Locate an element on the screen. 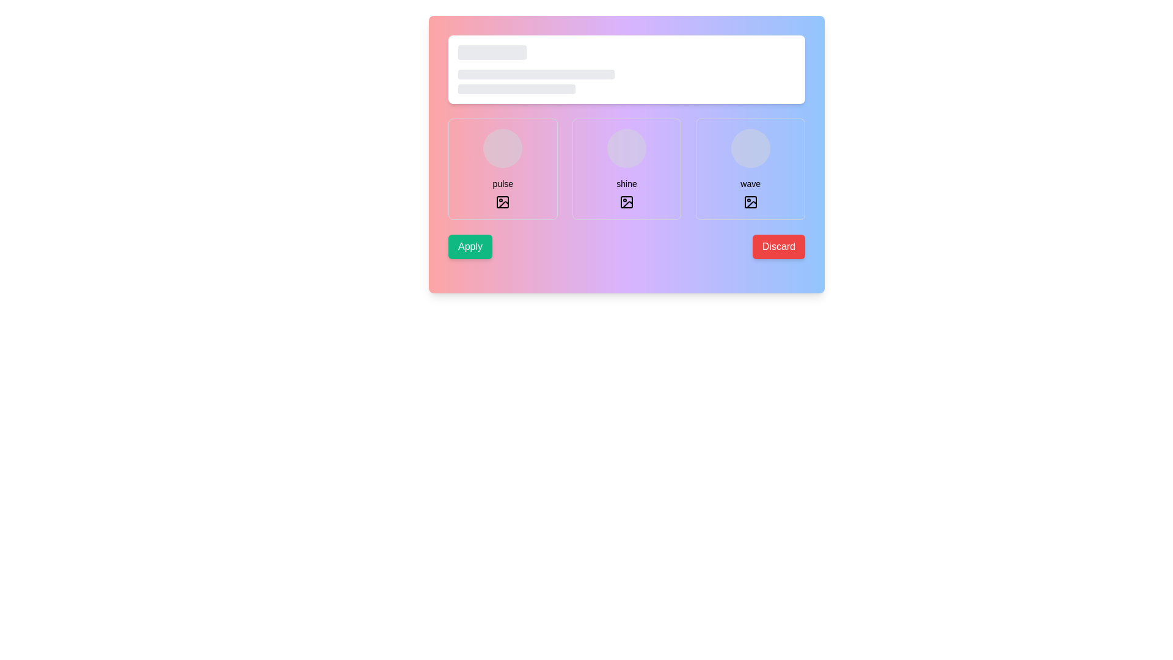 This screenshot has height=660, width=1173. the third placeholder element, which is a light gray rounded rectangle used in skeleton loading designs is located at coordinates (516, 89).